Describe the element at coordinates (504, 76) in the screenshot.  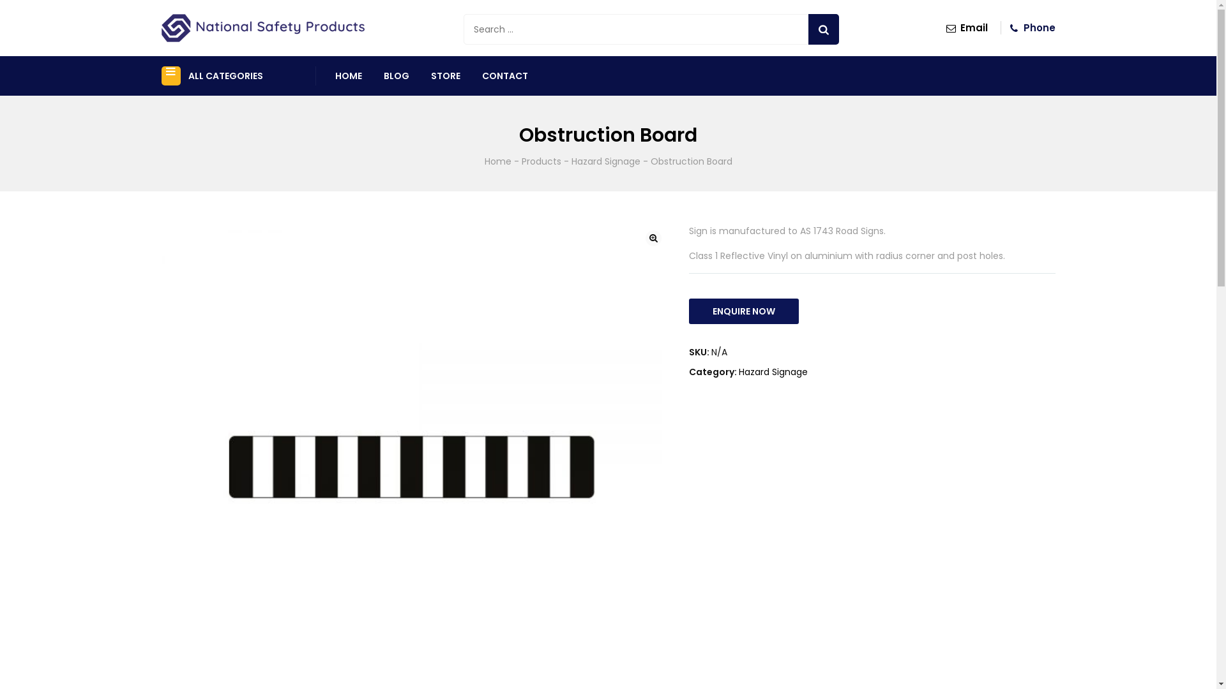
I see `'CONTACT'` at that location.